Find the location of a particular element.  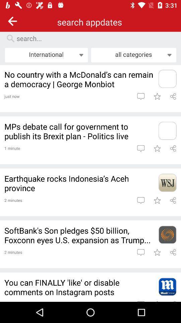

go to news site is located at coordinates (167, 130).